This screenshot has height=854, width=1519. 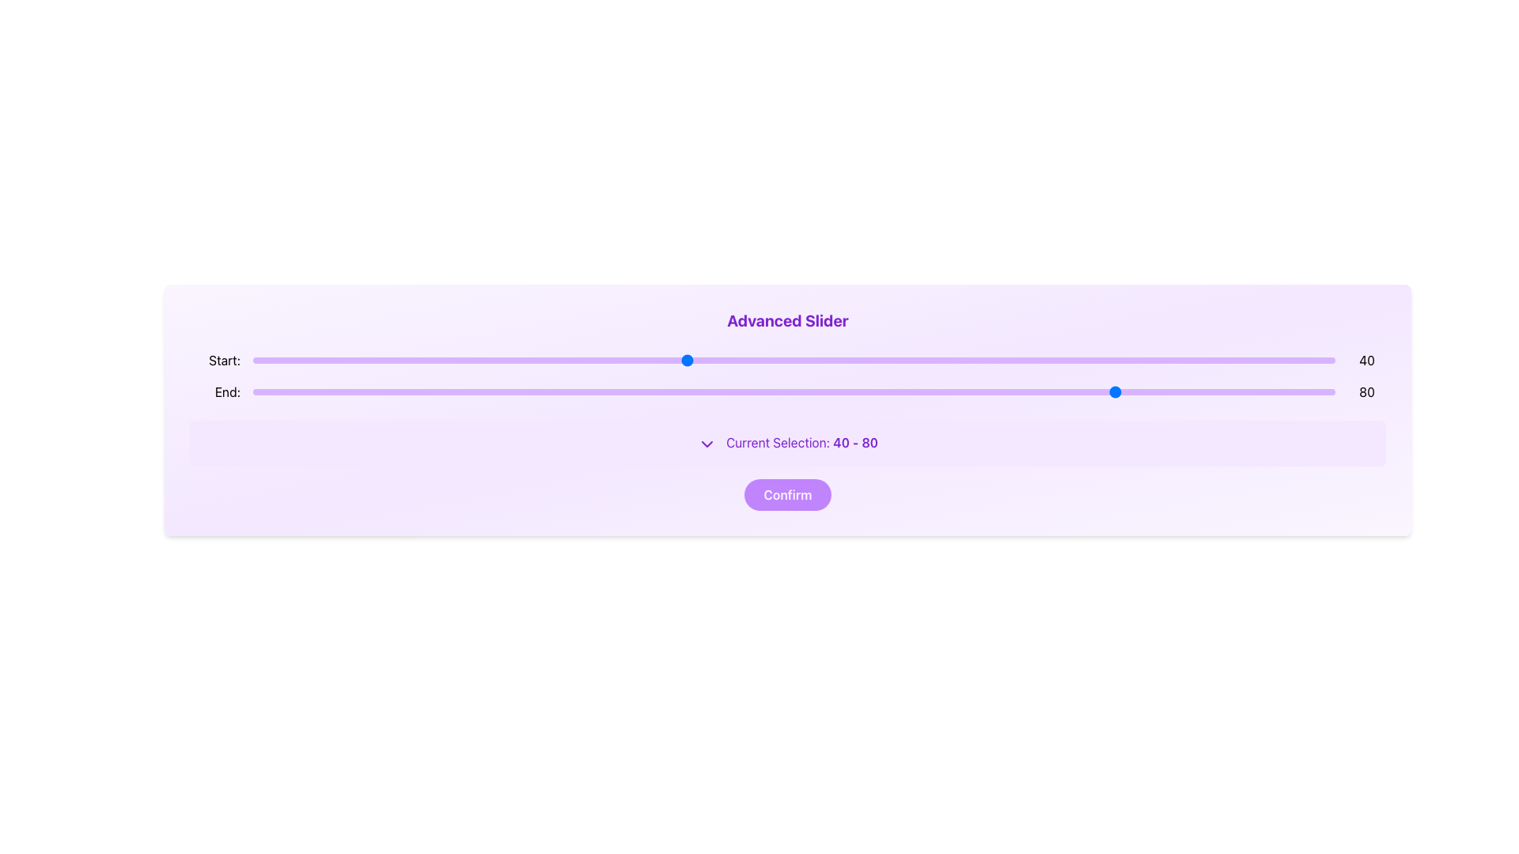 I want to click on the 'End' value, so click(x=556, y=391).